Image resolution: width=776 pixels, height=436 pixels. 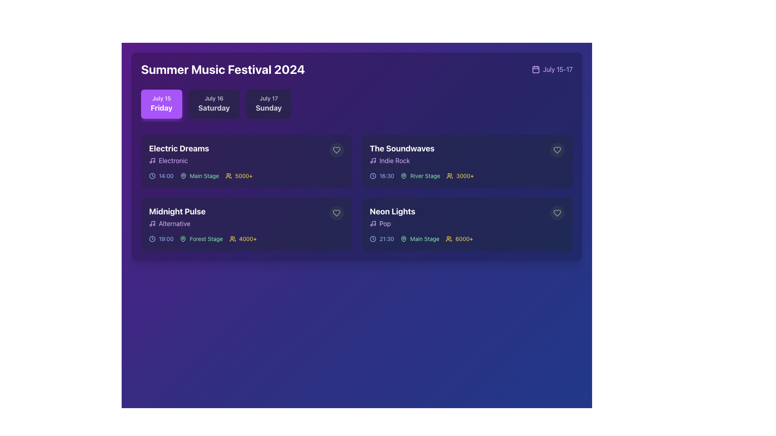 What do you see at coordinates (246, 175) in the screenshot?
I see `information displayed in the textual metadata row for the 'Electric Dreams' event, including time, location, and attendance details, which are visually separated by distinctive icons` at bounding box center [246, 175].